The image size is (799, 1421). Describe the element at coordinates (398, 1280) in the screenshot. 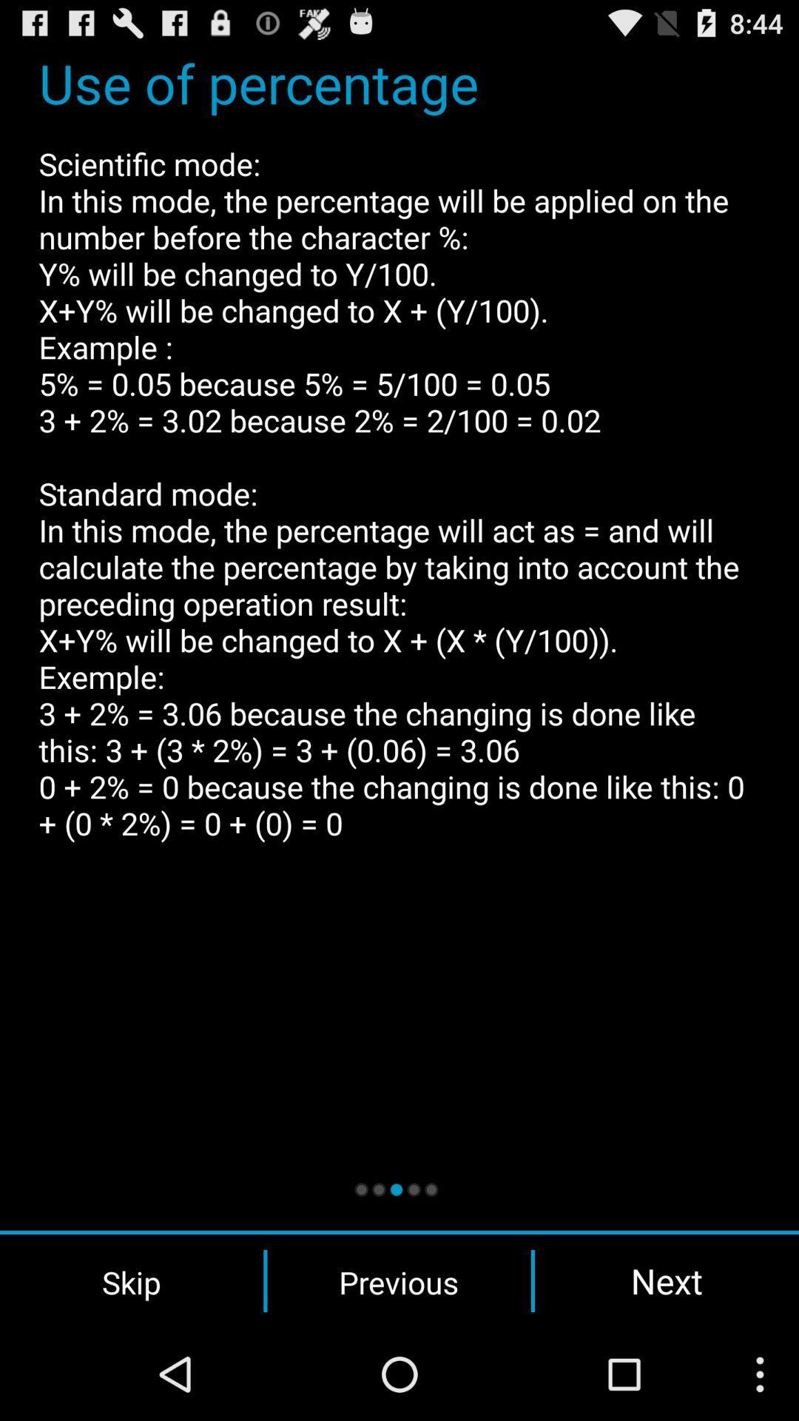

I see `previous button` at that location.